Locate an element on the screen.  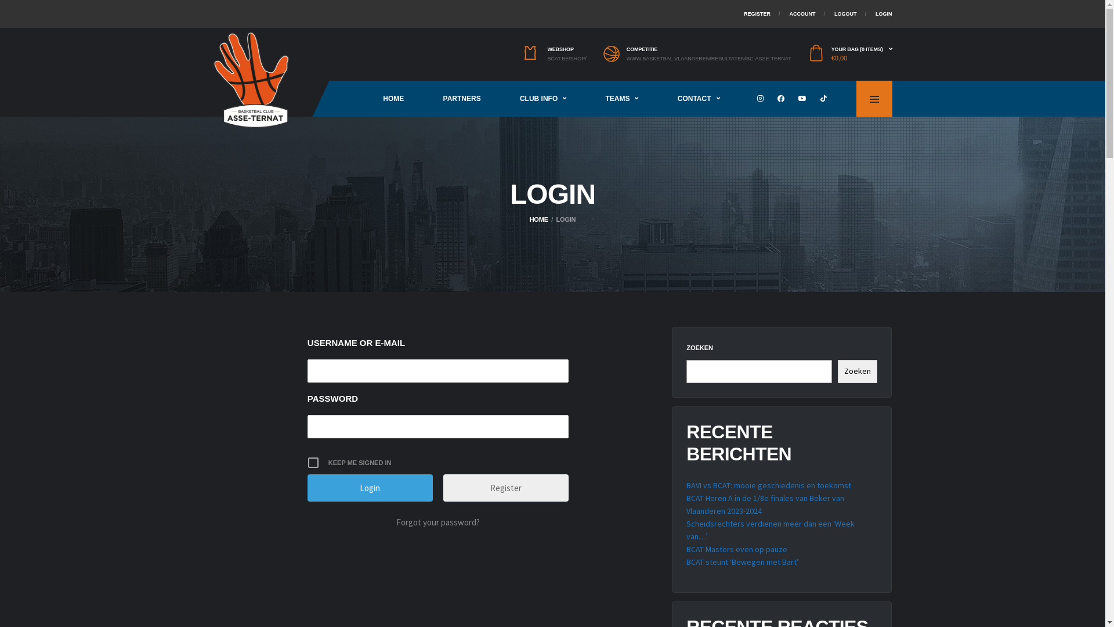
'BAVI vs BCAT: mooie geschiedenis en toekomst' is located at coordinates (768, 485).